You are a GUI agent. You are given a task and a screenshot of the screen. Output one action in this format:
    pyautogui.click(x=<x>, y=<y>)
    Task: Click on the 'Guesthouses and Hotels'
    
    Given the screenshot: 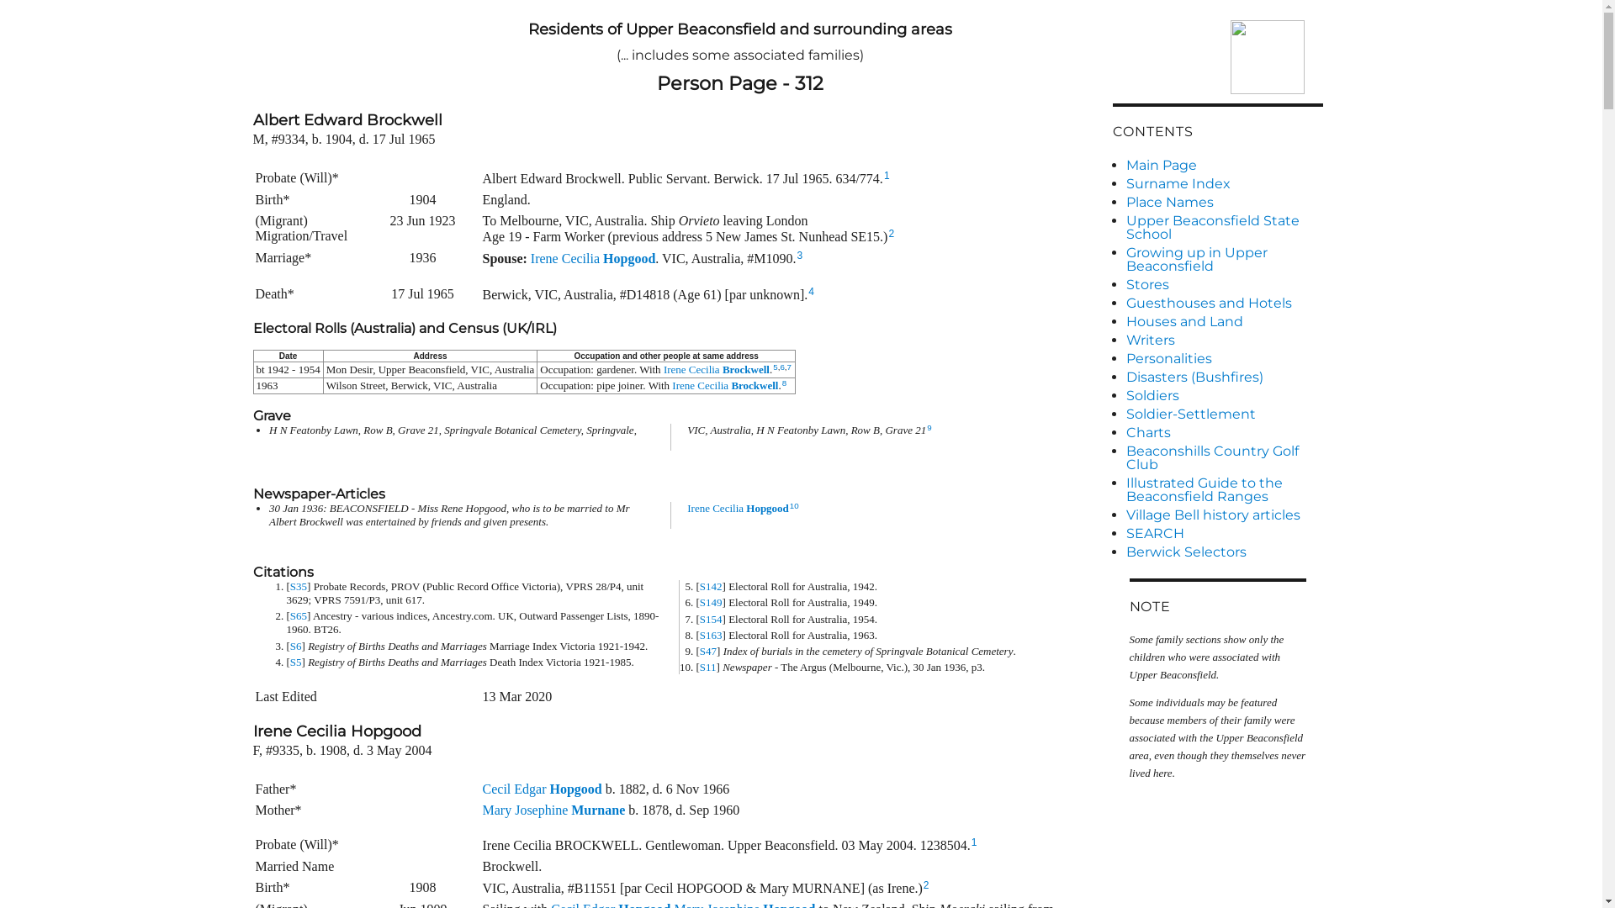 What is the action you would take?
    pyautogui.click(x=1223, y=304)
    